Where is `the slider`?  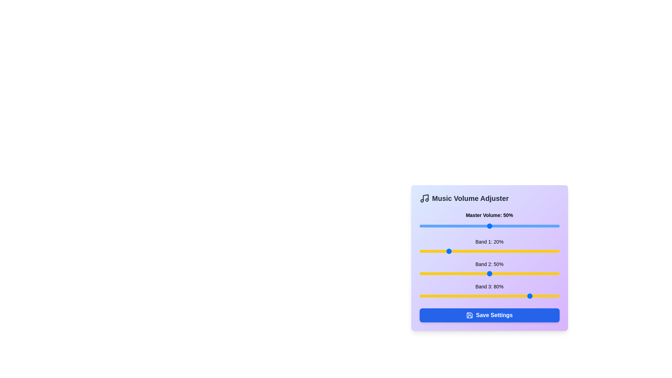 the slider is located at coordinates (485, 226).